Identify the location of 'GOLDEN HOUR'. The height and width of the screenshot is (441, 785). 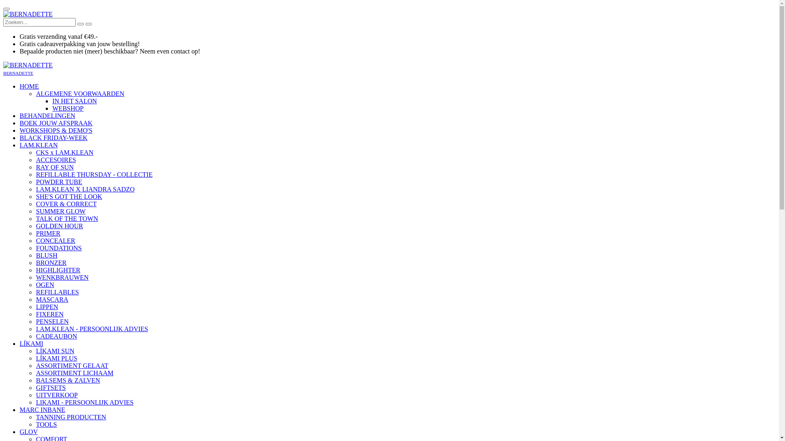
(59, 226).